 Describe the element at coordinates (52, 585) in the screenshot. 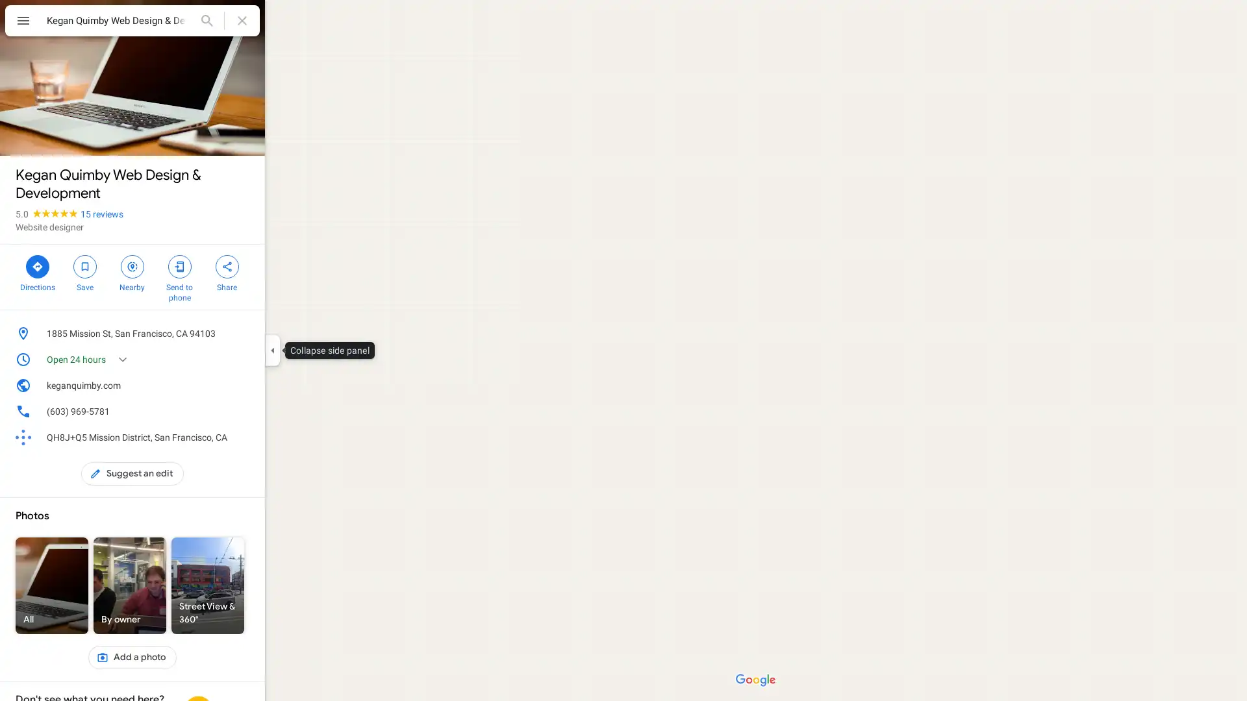

I see `All` at that location.